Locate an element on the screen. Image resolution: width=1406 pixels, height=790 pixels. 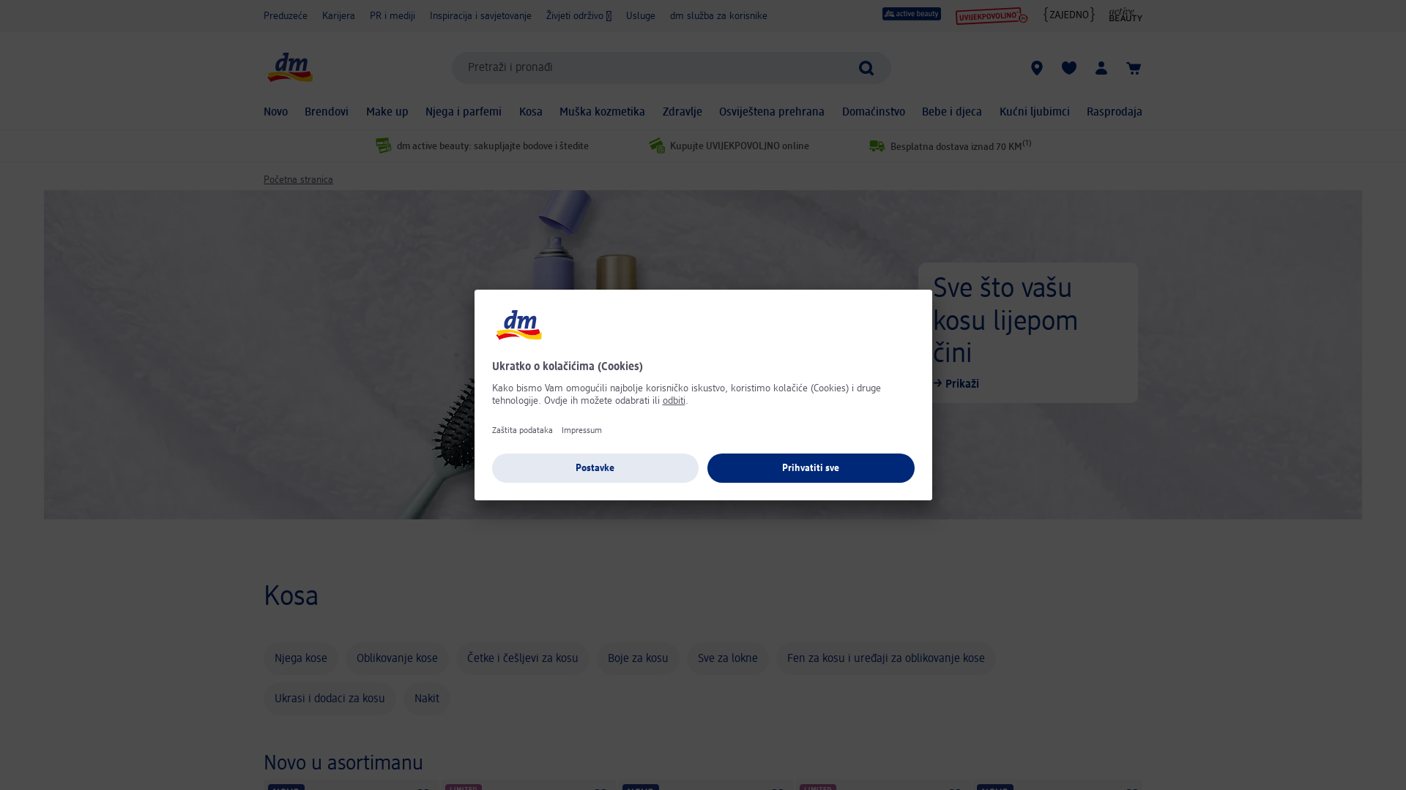
'UVIJEKPOVOLJNO' is located at coordinates (992, 16).